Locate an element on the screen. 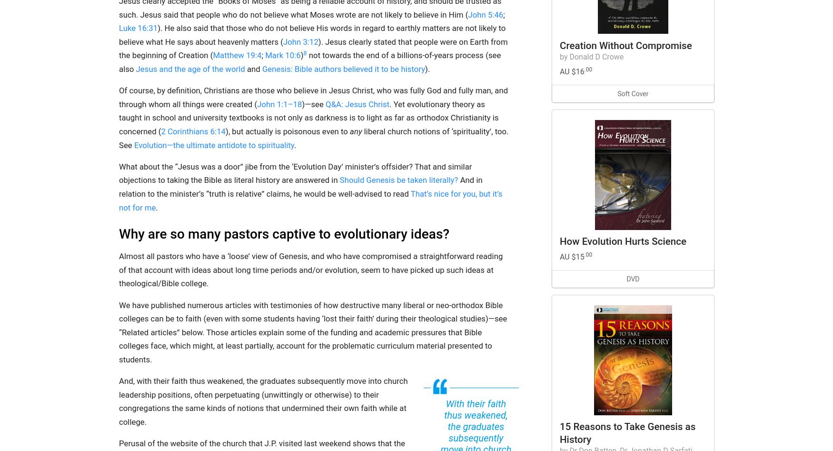 The height and width of the screenshot is (451, 833). 'Creation Without Compromise' is located at coordinates (559, 45).